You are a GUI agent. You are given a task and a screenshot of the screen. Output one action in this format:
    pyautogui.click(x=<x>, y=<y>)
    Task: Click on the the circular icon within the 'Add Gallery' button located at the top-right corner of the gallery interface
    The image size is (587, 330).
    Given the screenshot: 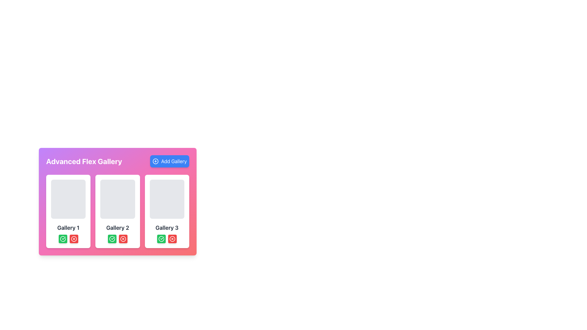 What is the action you would take?
    pyautogui.click(x=156, y=161)
    